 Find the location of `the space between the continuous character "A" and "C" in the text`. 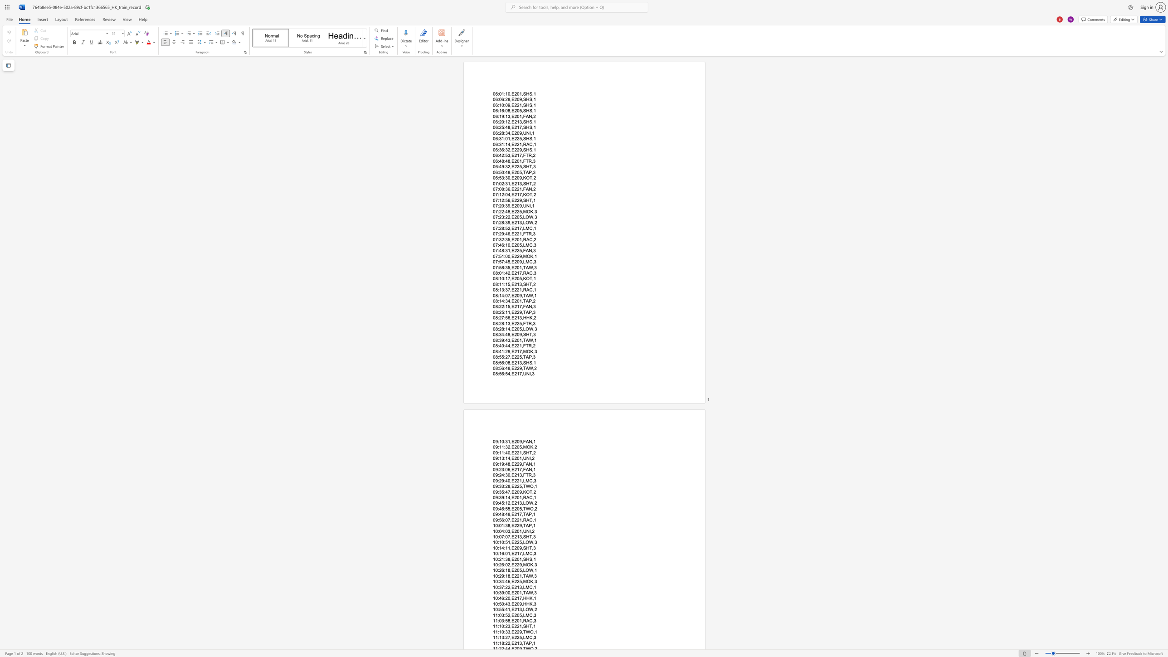

the space between the continuous character "A" and "C" in the text is located at coordinates (529, 497).